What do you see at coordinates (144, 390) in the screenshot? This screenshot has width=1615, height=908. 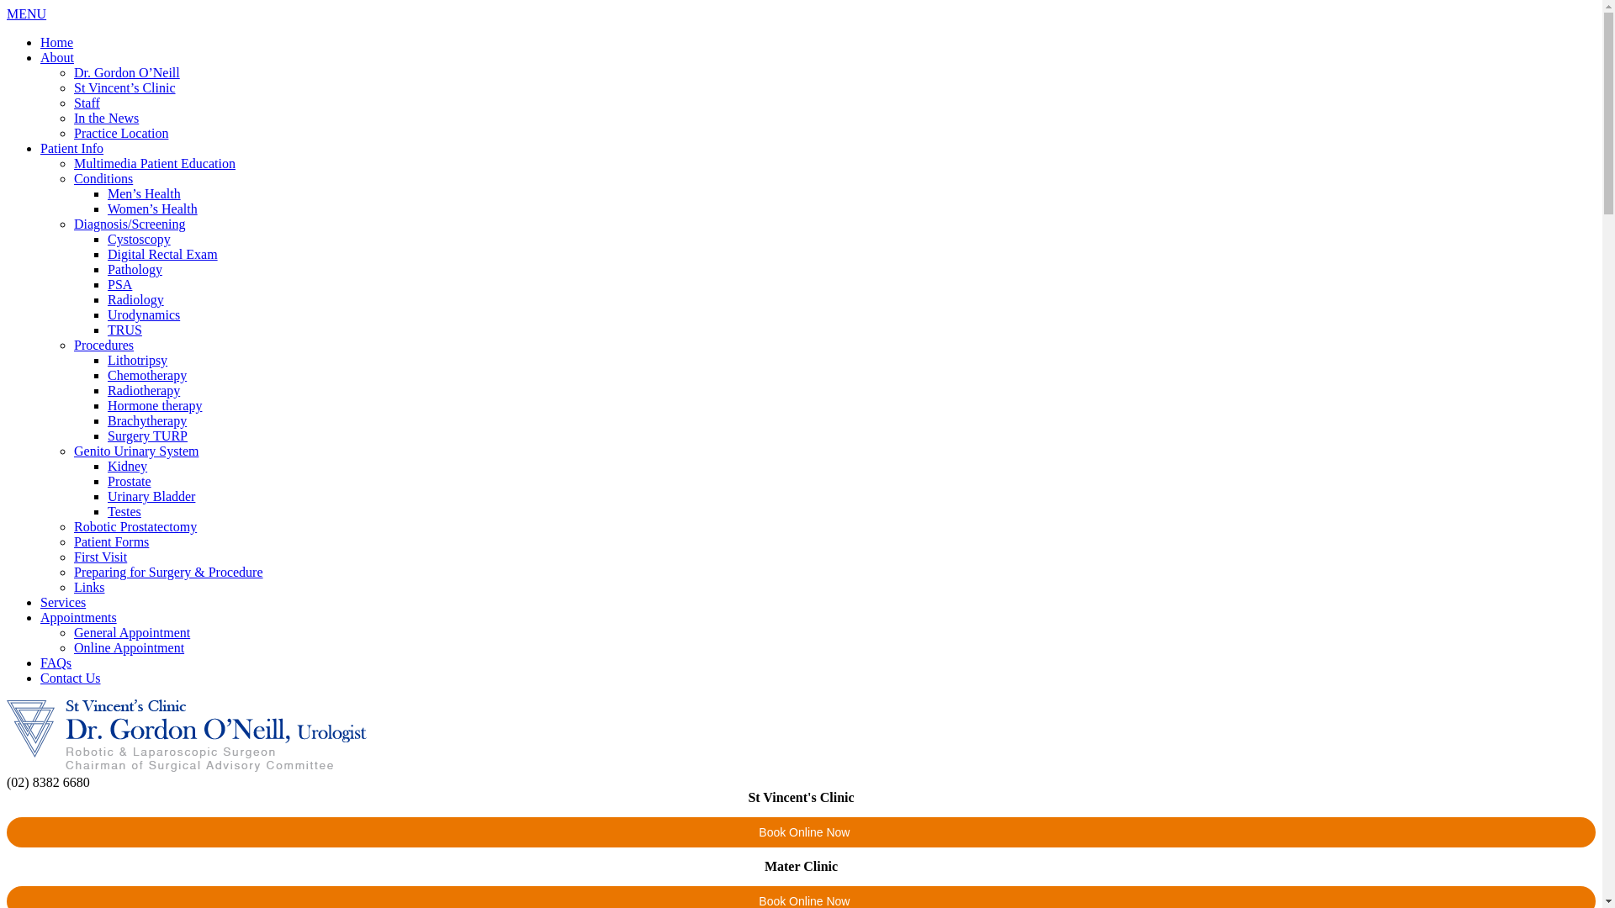 I see `'Radiotherapy'` at bounding box center [144, 390].